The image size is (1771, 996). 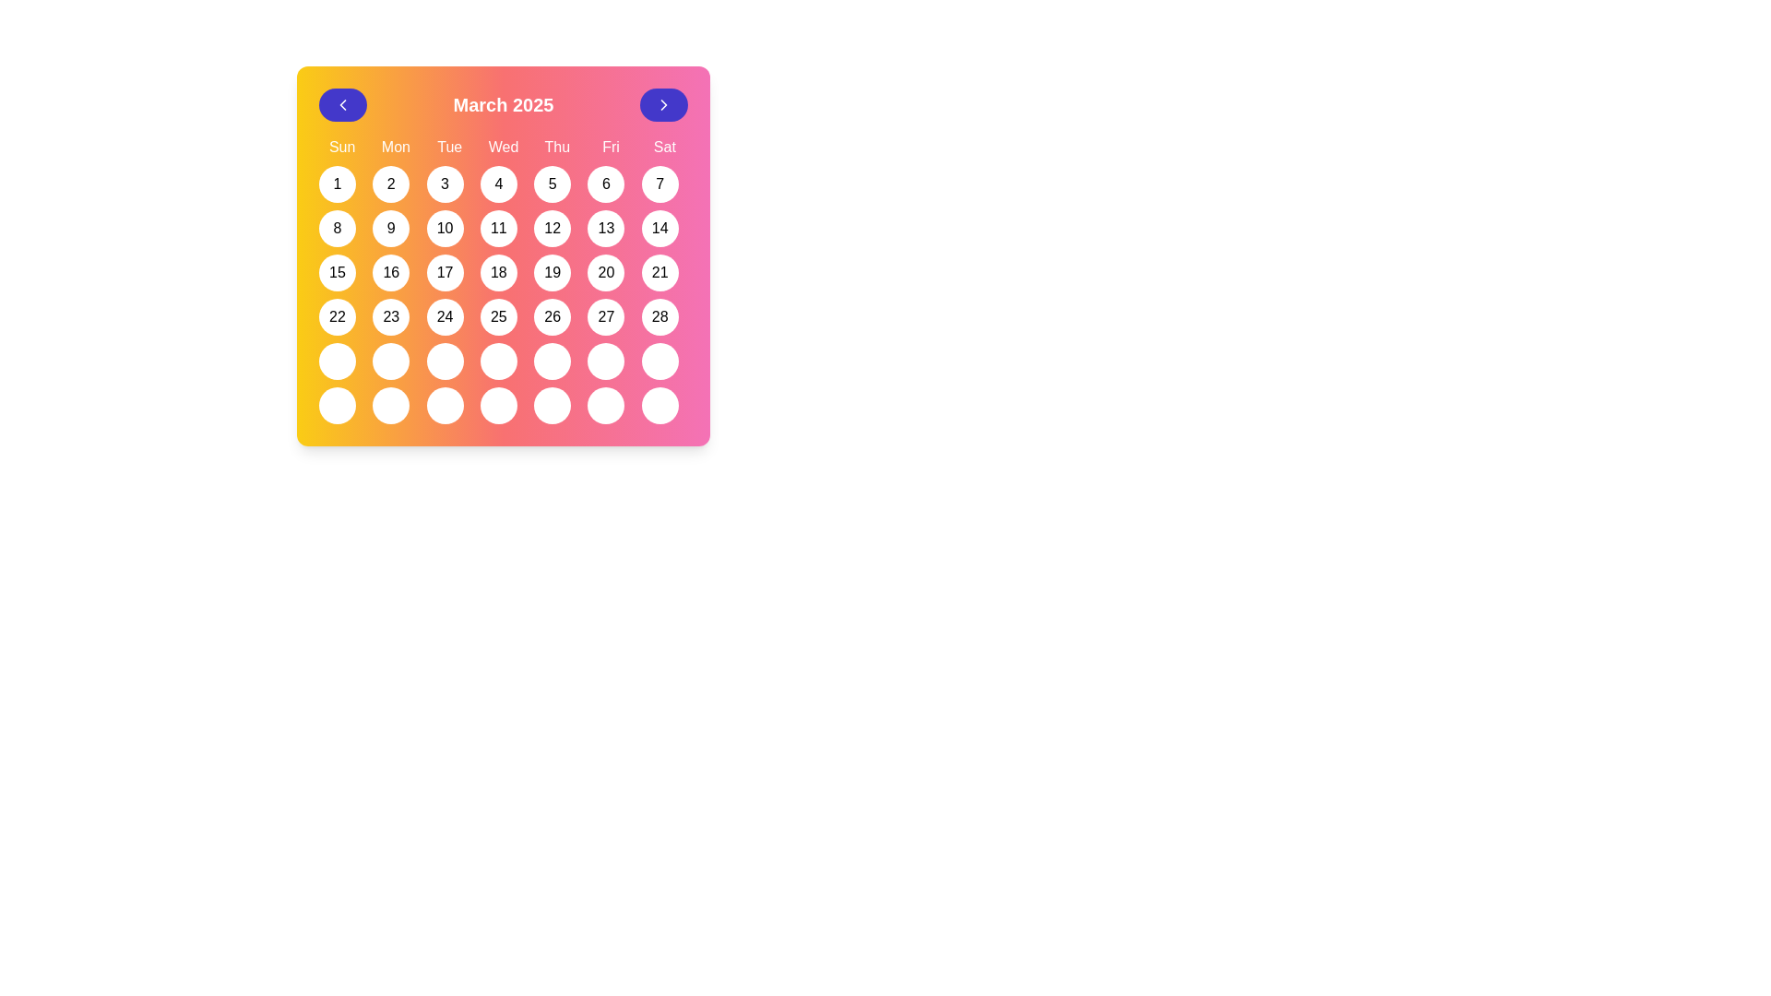 What do you see at coordinates (445, 273) in the screenshot?
I see `the button representing the 17th day of the month in the calendar interface` at bounding box center [445, 273].